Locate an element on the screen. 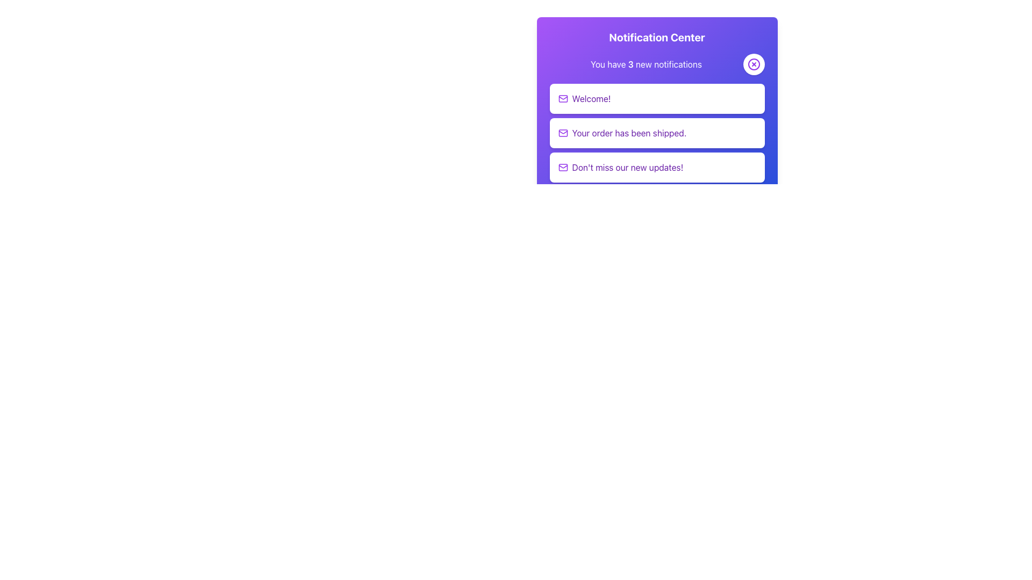  the Notification card displaying the message 'Welcome!' which is the first card in the notification center panel is located at coordinates (656, 99).